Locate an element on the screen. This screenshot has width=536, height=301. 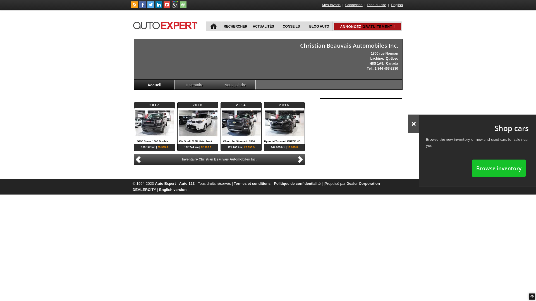
'Accueil' is located at coordinates (154, 84).